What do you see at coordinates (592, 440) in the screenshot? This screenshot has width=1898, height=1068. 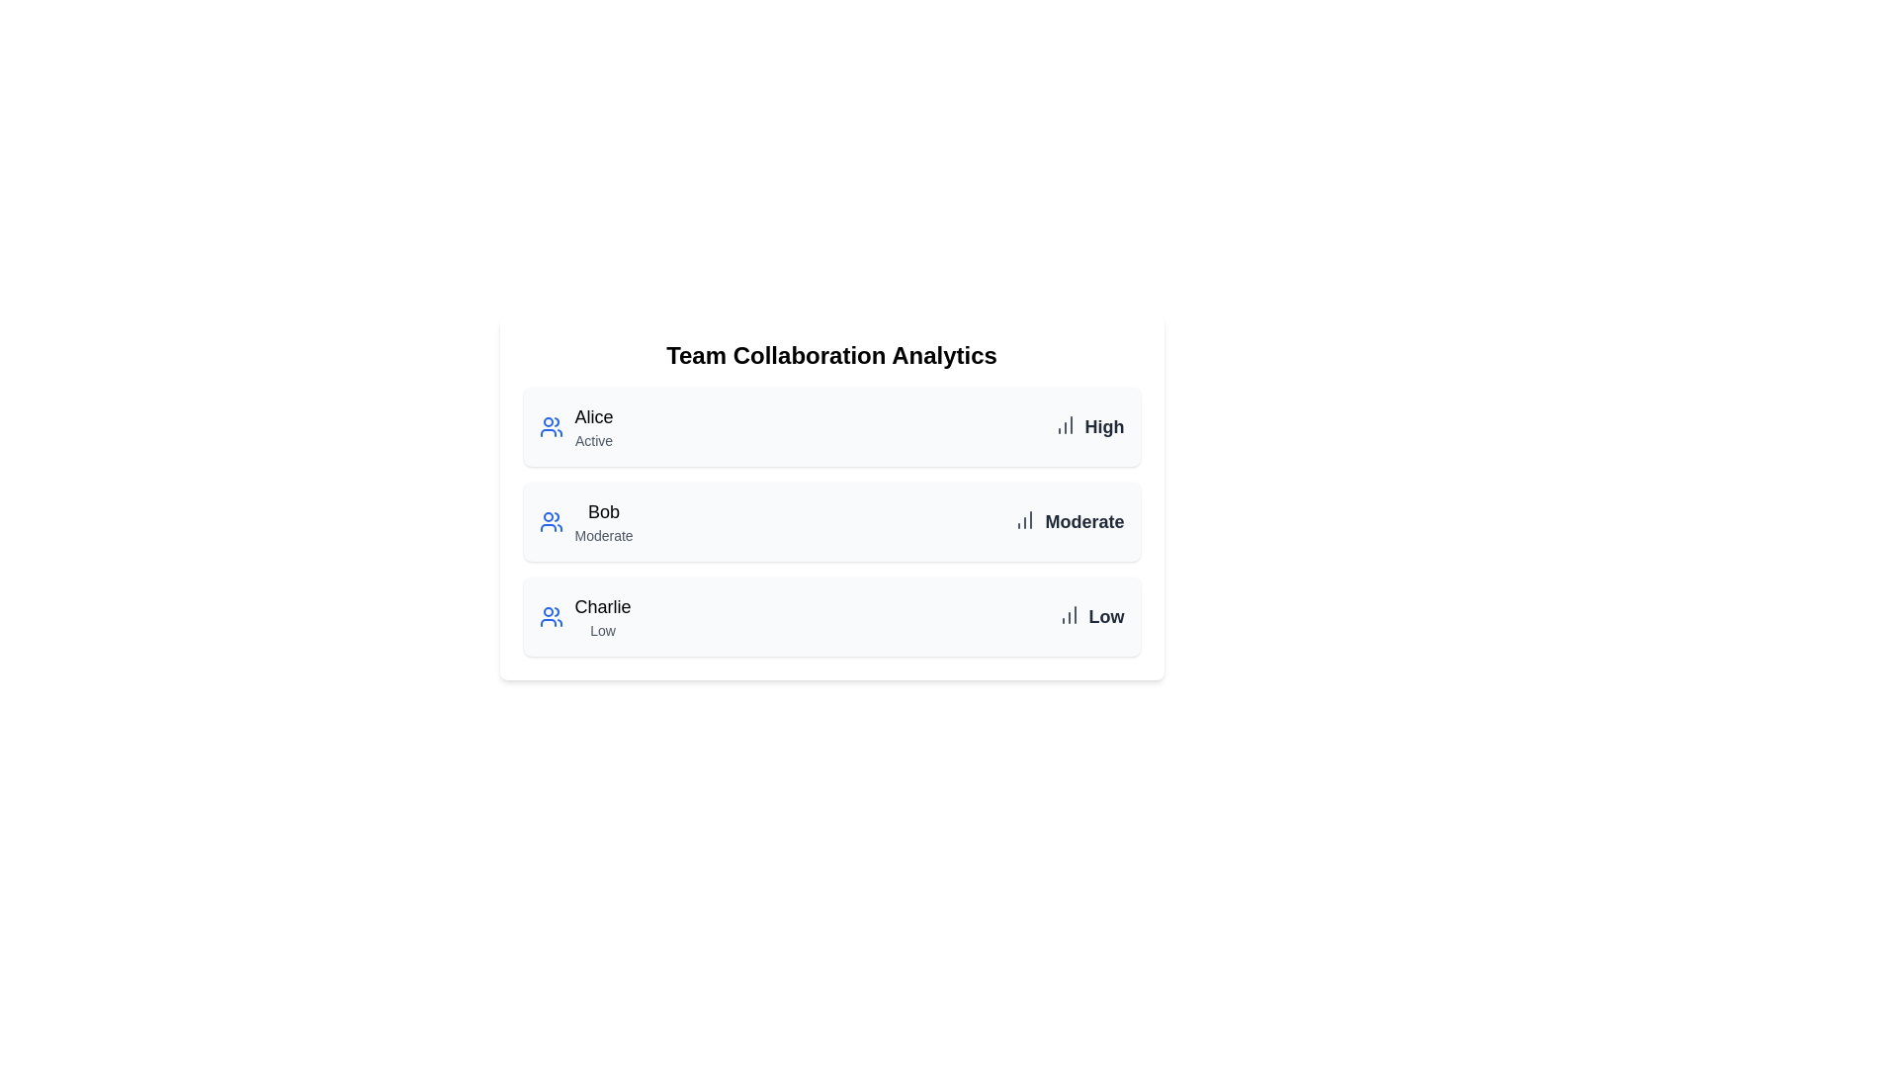 I see `the activity status text for Alice` at bounding box center [592, 440].